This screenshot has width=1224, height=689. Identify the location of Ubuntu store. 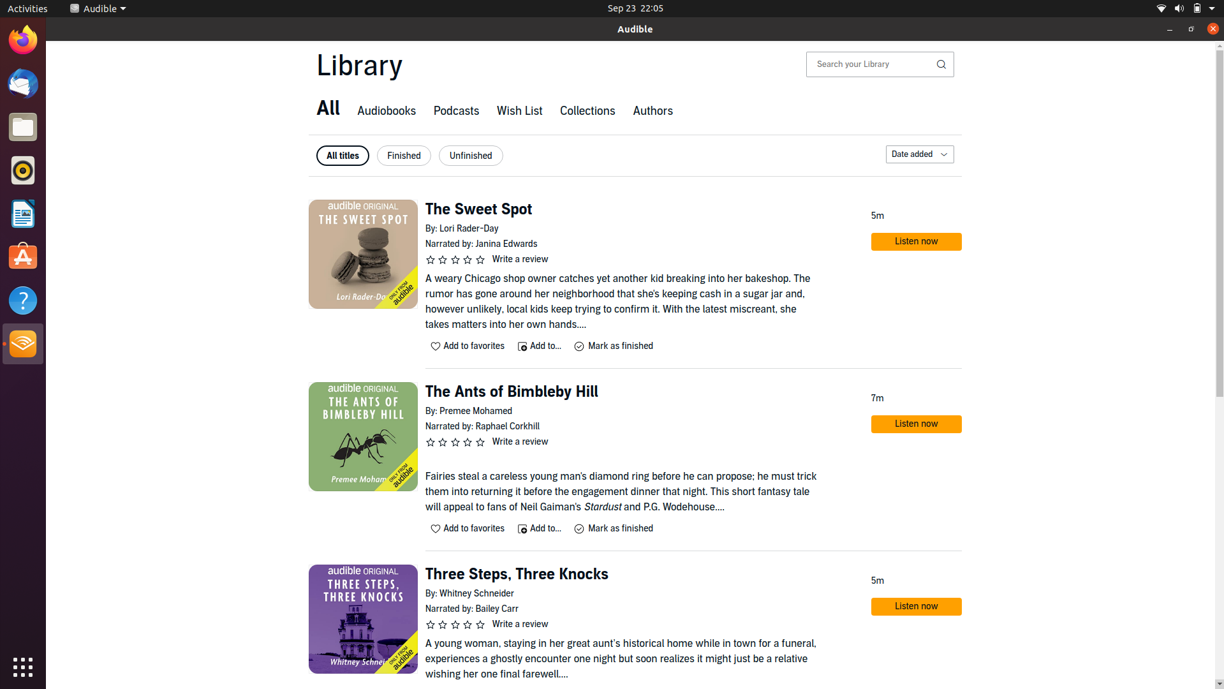
(24, 256).